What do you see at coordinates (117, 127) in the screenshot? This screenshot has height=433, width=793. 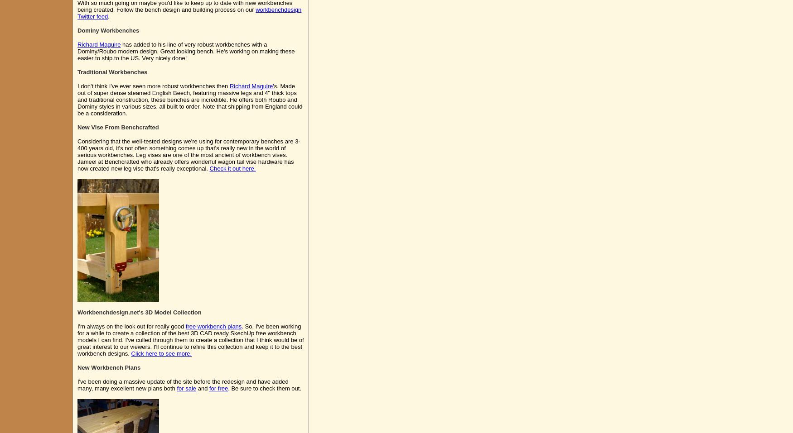 I see `'New Vise From Benchcrafted'` at bounding box center [117, 127].